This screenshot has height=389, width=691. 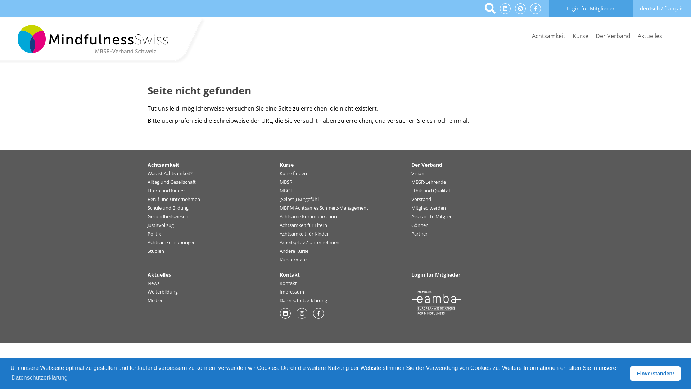 I want to click on 'Gesundheitswesen', so click(x=167, y=216).